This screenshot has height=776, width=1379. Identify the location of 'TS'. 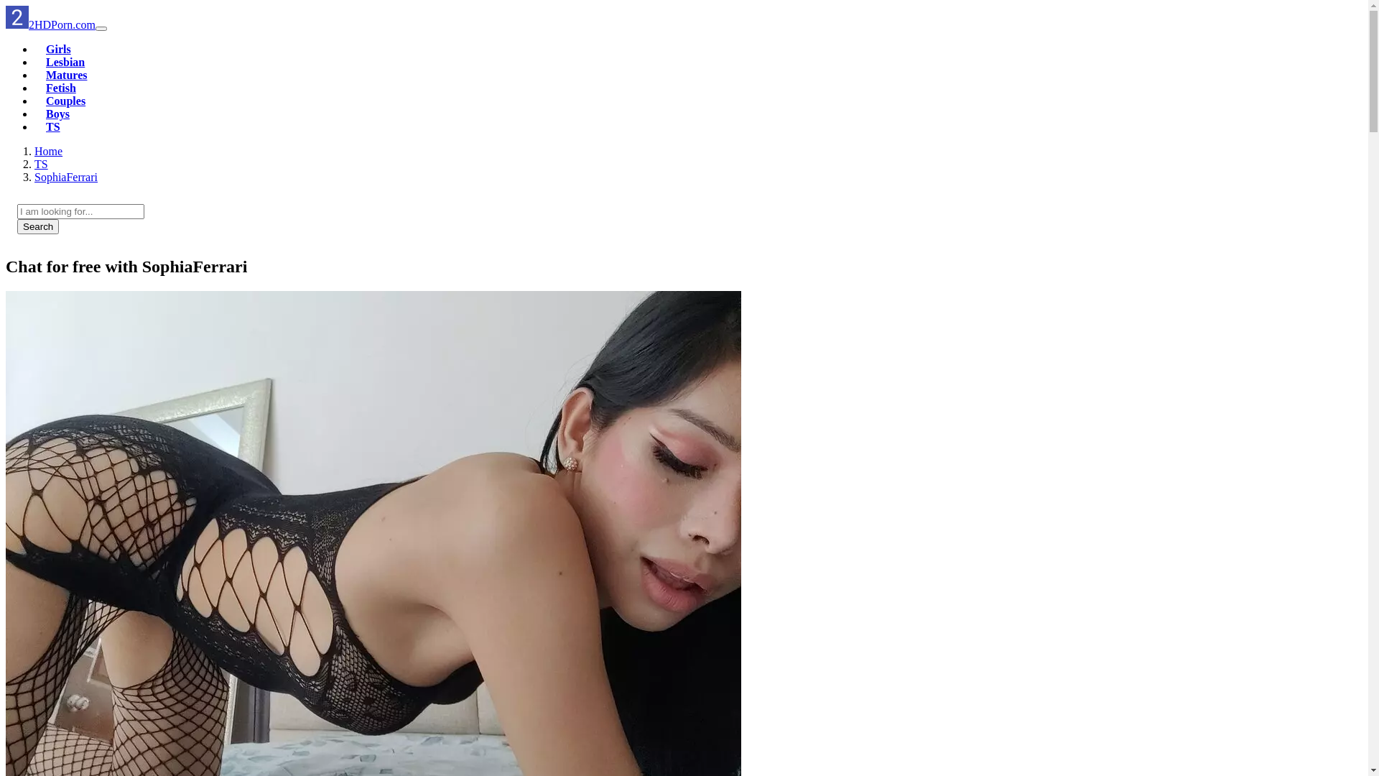
(41, 163).